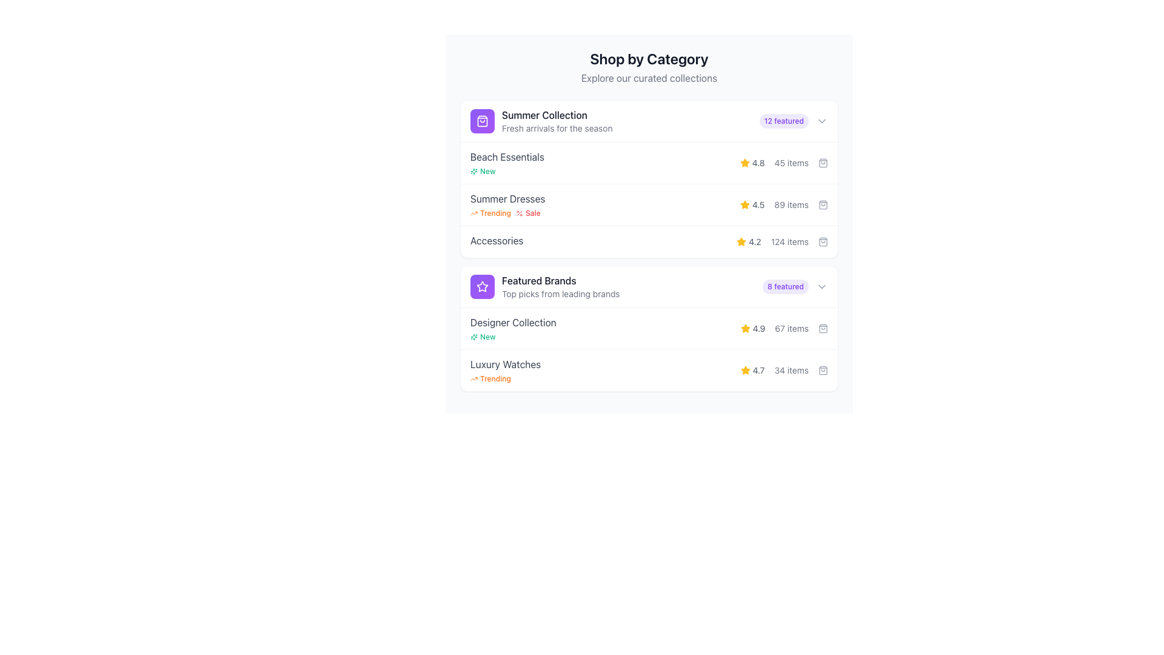  Describe the element at coordinates (513, 329) in the screenshot. I see `the 'Designer Collection' category link that is highlighted with a 'New' tag, located in the second section under 'Featured Brands'` at that location.